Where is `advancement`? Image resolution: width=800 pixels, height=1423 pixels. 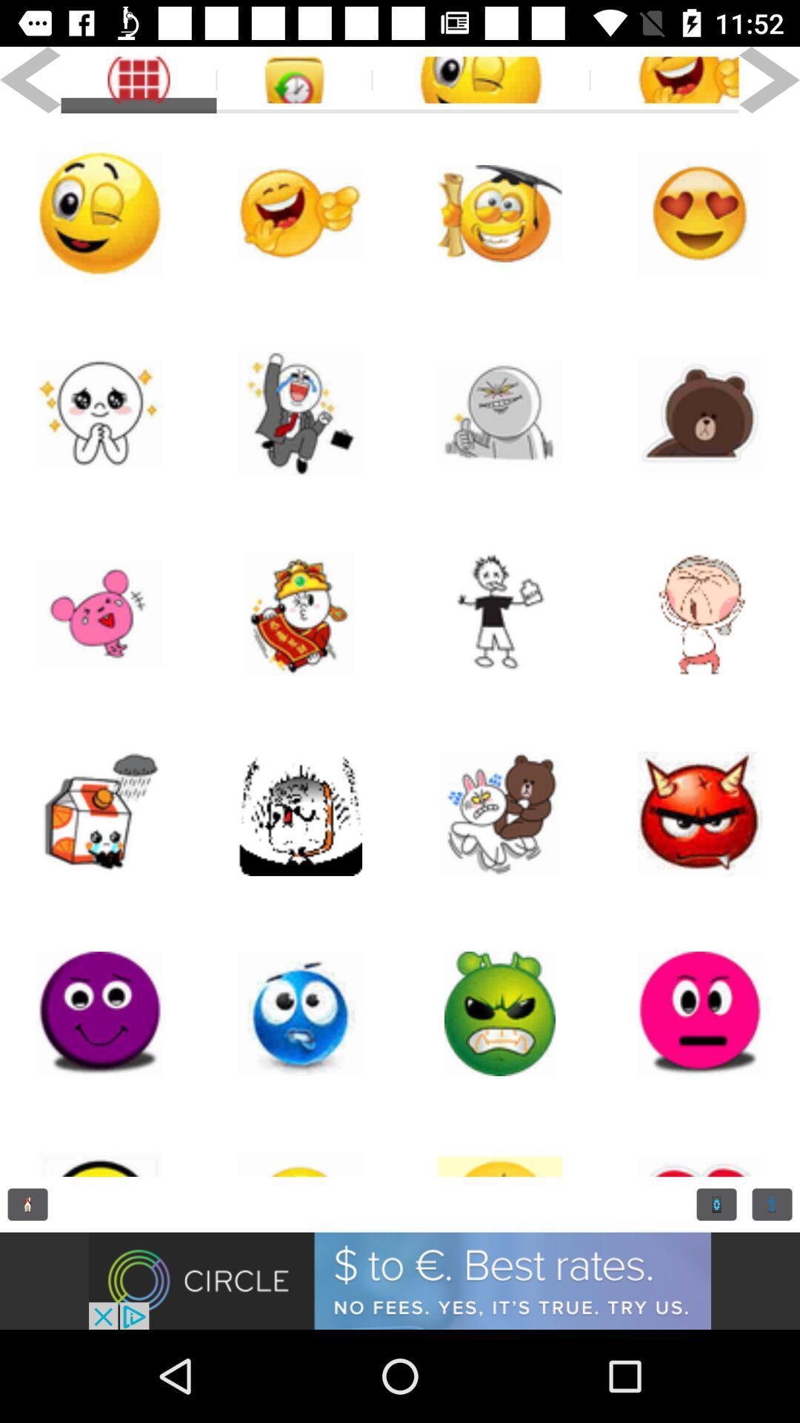 advancement is located at coordinates (400, 1280).